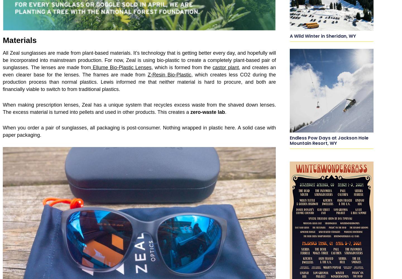  What do you see at coordinates (2, 71) in the screenshot?
I see `'and creates an even clearer base for the lenses. The frames are made from'` at bounding box center [2, 71].